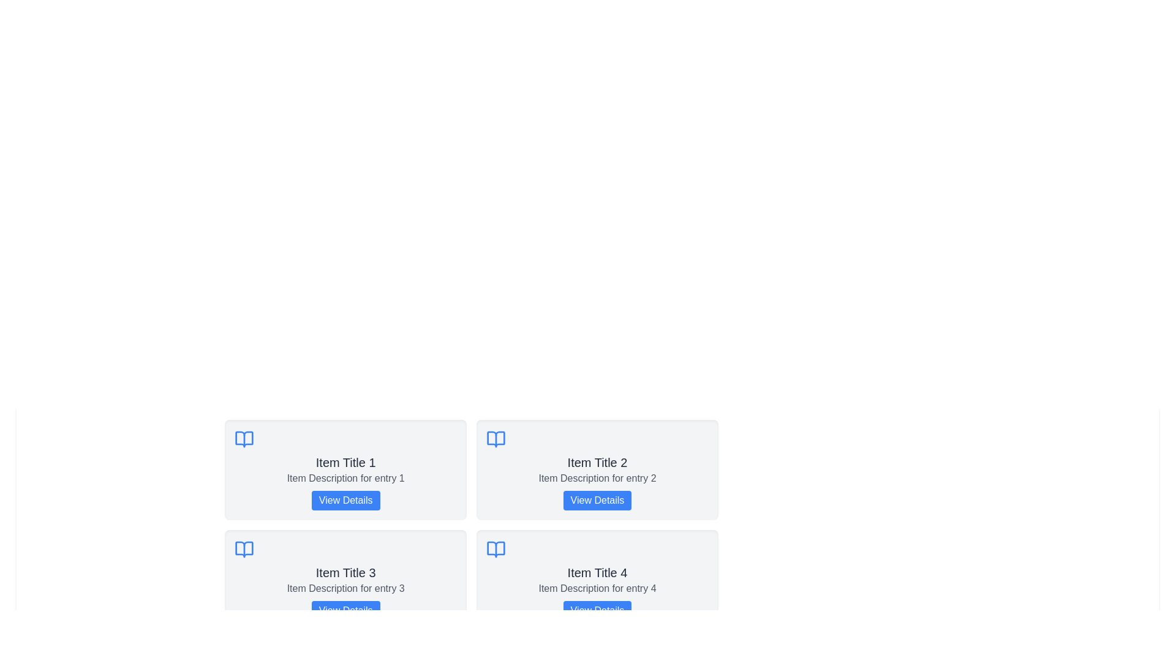 This screenshot has height=661, width=1176. I want to click on the blue open book icon located at the top-left corner of the card titled 'Item Title 2', so click(496, 438).